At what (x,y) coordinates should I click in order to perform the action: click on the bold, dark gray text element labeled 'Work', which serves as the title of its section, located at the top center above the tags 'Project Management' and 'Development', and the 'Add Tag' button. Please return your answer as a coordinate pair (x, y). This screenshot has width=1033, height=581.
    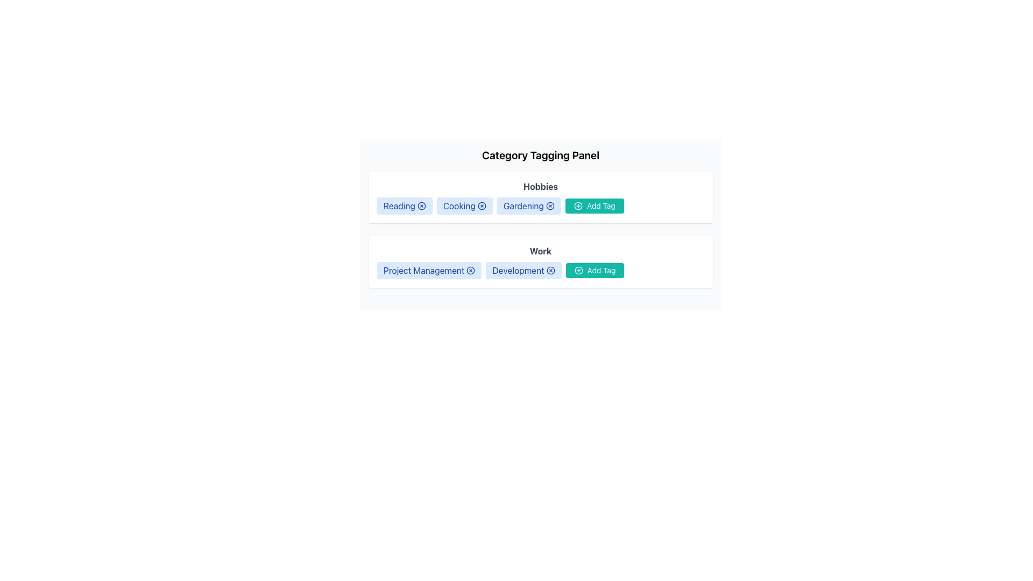
    Looking at the image, I should click on (540, 251).